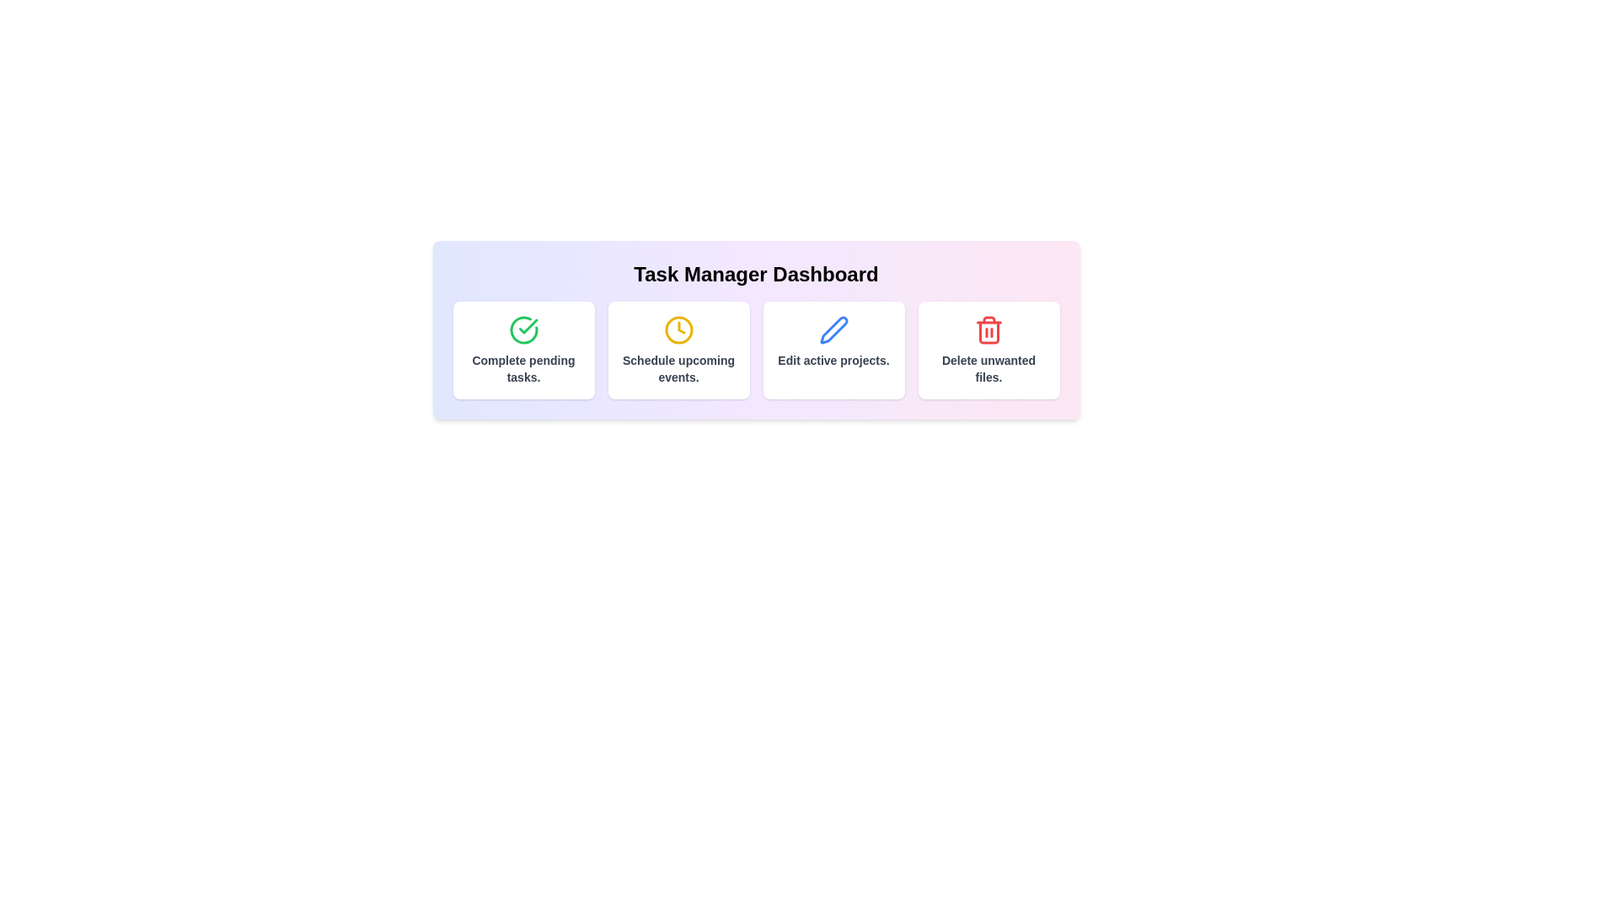  Describe the element at coordinates (678, 330) in the screenshot. I see `the outer circle of the clock icon, which is part of the 'Schedule upcoming events' card located in the dashboard panel` at that location.